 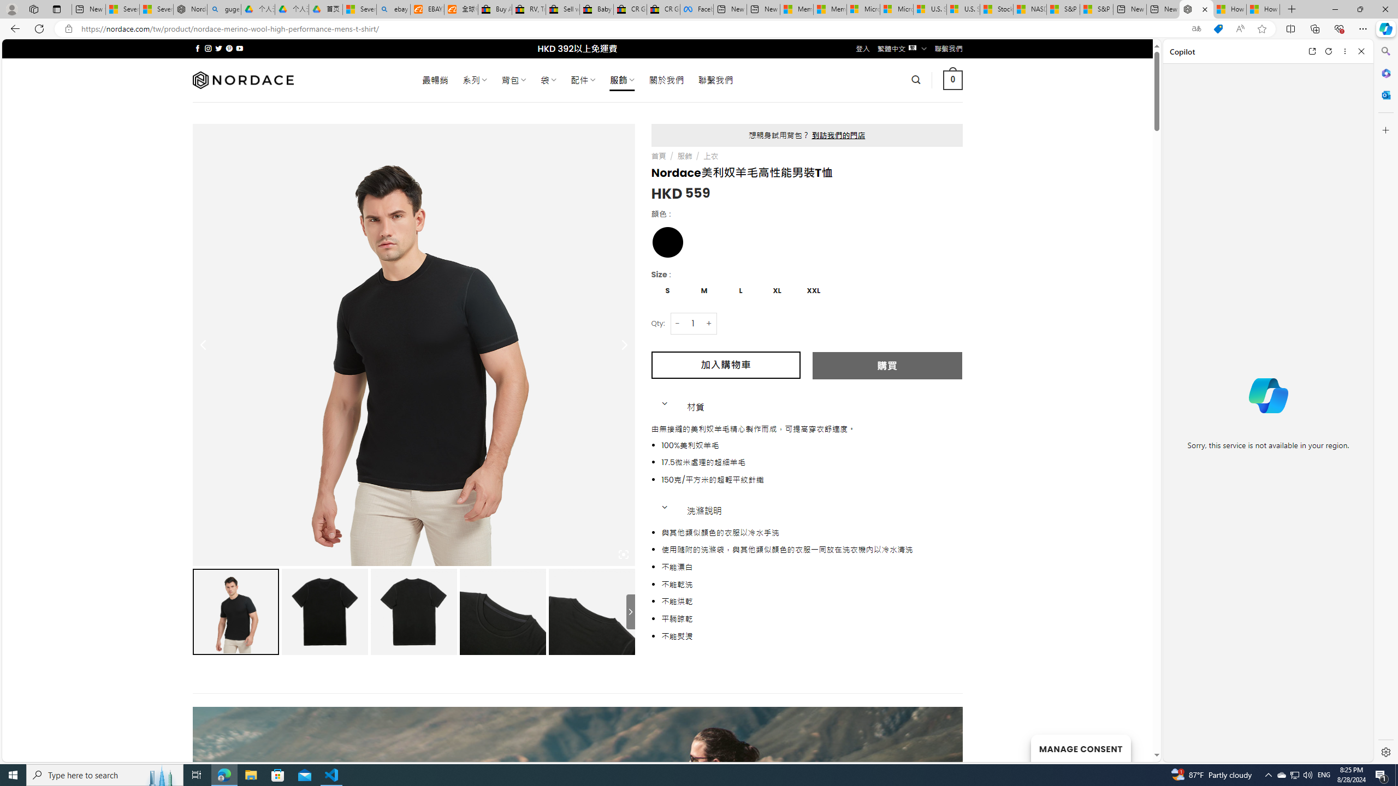 I want to click on 'How to Use a Monitor With Your Closed Laptop', so click(x=1262, y=9).